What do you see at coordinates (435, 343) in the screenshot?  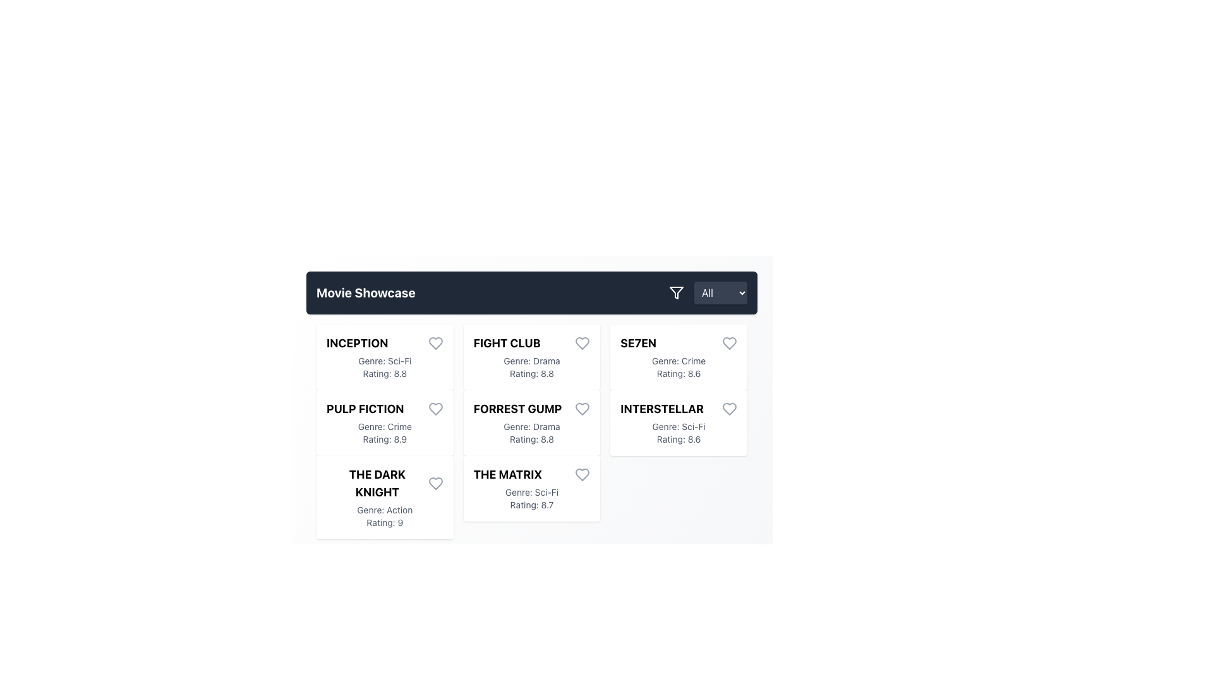 I see `the heart icon located at the top right of the card for the movie 'Inception' in the grid layout` at bounding box center [435, 343].